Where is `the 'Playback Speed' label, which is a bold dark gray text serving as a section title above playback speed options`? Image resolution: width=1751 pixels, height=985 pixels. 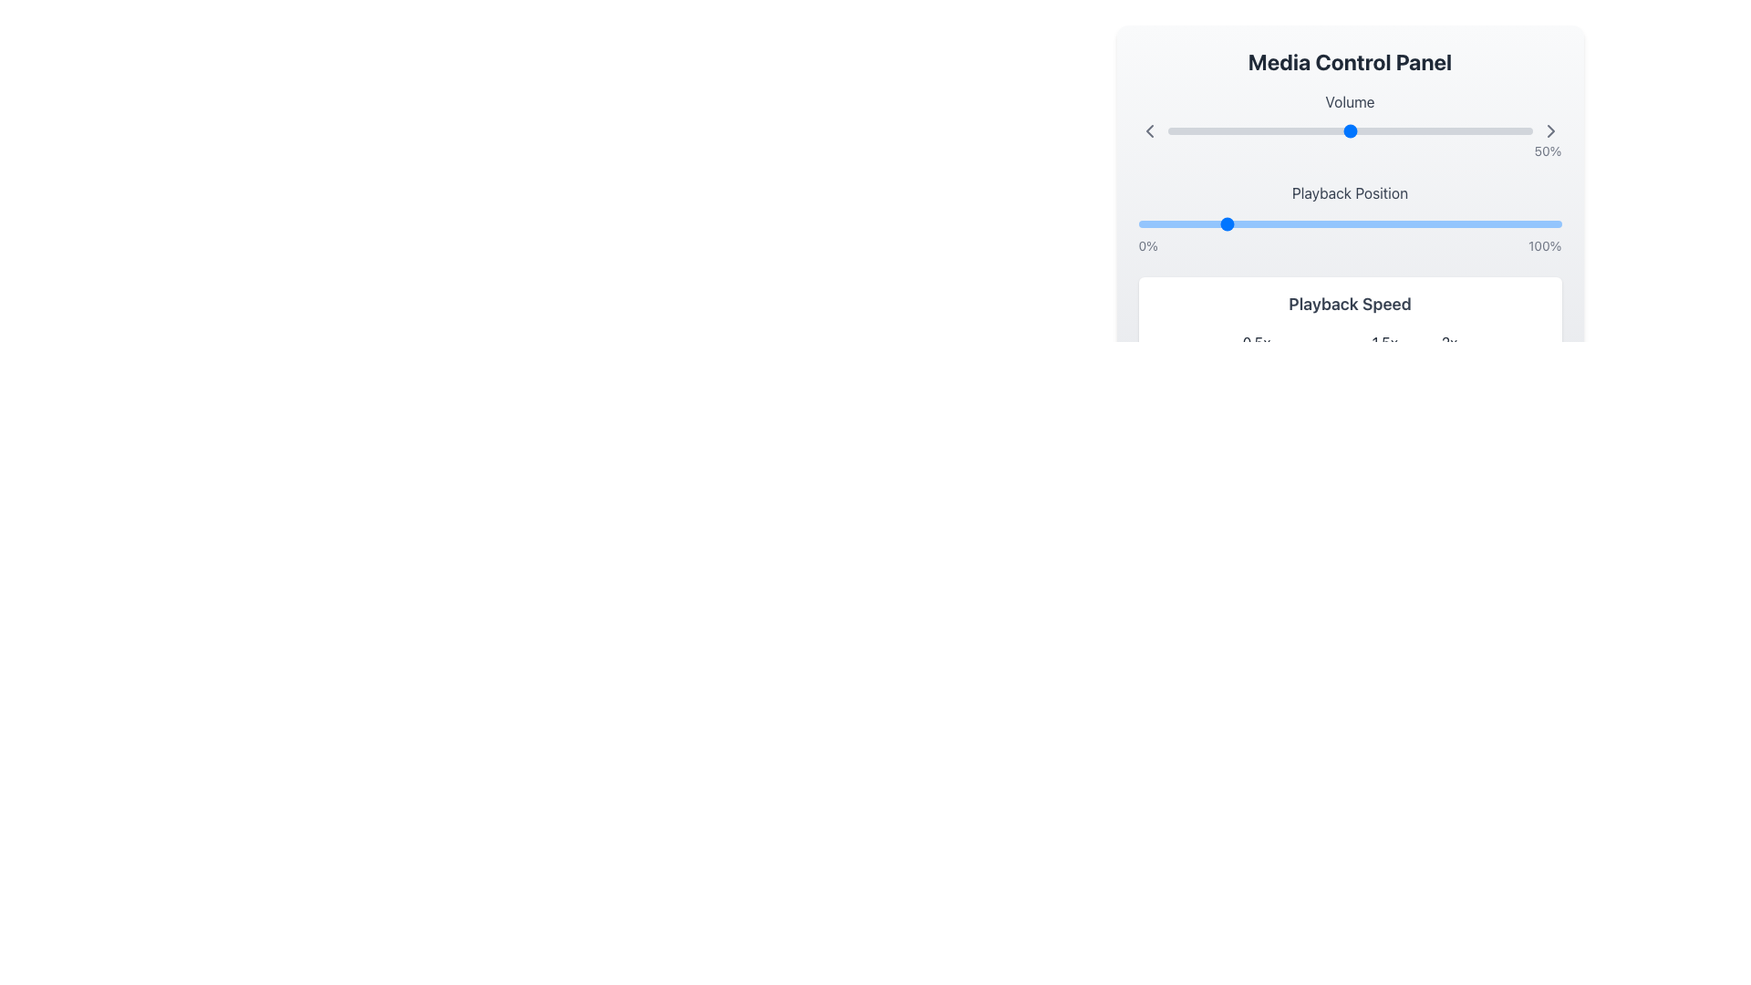
the 'Playback Speed' label, which is a bold dark gray text serving as a section title above playback speed options is located at coordinates (1350, 304).